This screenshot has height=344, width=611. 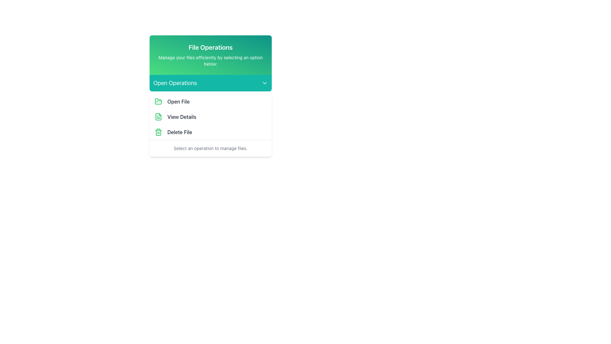 I want to click on the static text that instructs users to 'Manage your files efficiently by selecting an option below:', which is located directly beneath the 'File Operations' heading, so click(x=211, y=61).